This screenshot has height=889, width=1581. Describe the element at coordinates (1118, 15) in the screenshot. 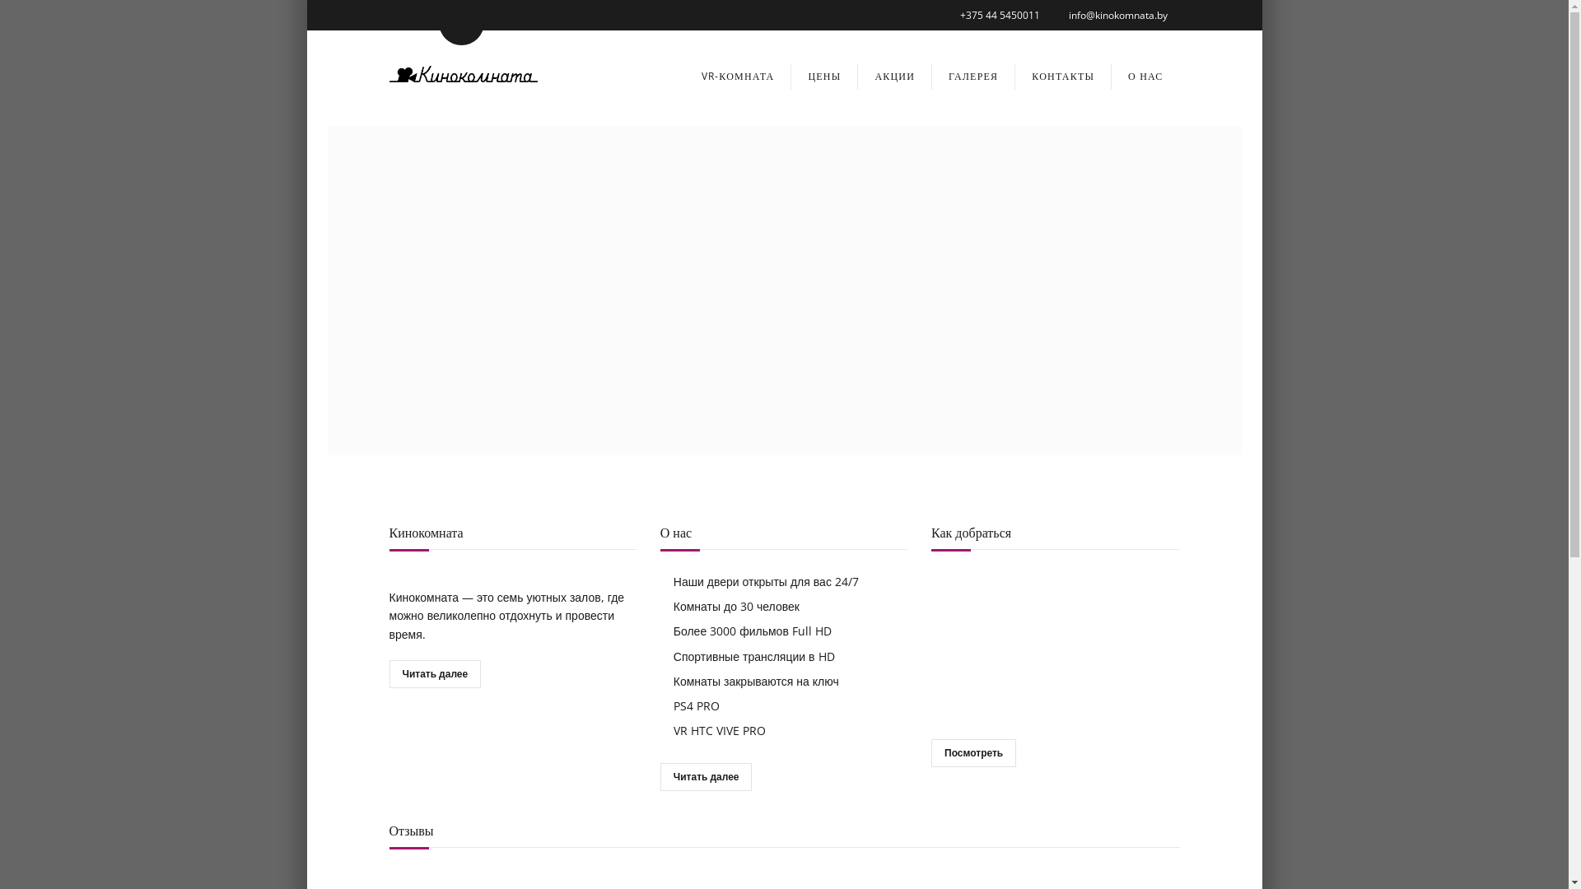

I see `'info@kinokomnata.by'` at that location.